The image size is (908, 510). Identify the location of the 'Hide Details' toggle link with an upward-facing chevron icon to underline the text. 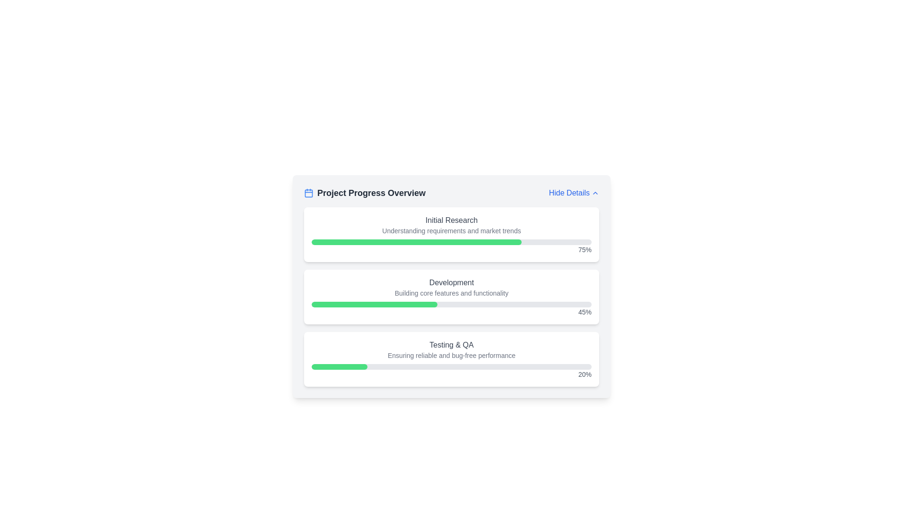
(573, 192).